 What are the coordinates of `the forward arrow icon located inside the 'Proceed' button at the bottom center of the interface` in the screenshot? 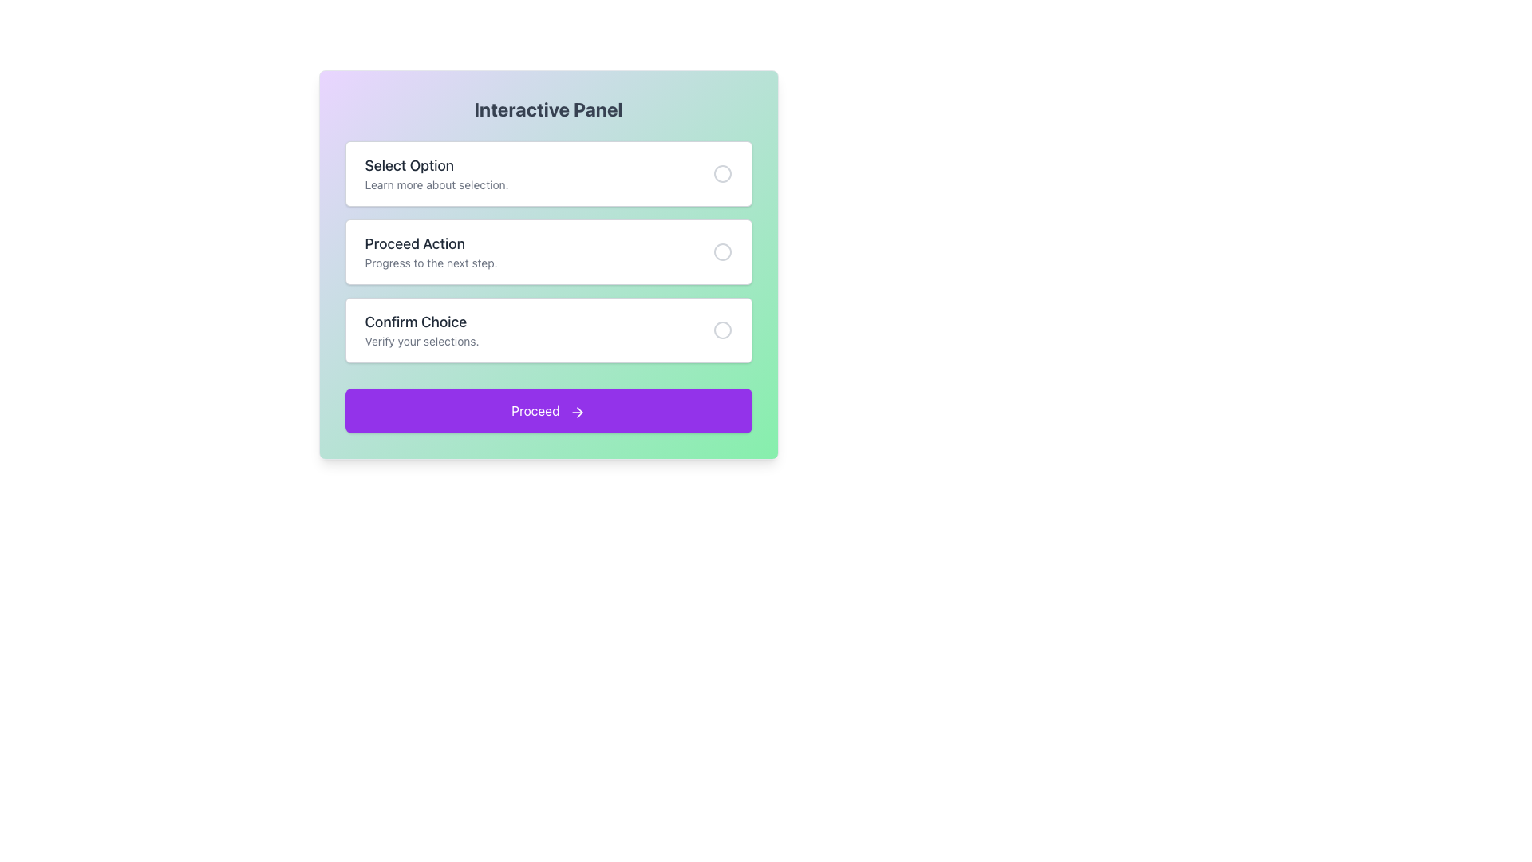 It's located at (576, 411).